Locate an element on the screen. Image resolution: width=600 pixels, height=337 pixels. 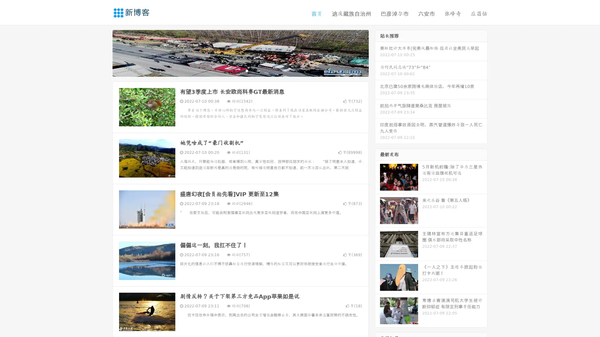
Previous slide is located at coordinates (103, 52).